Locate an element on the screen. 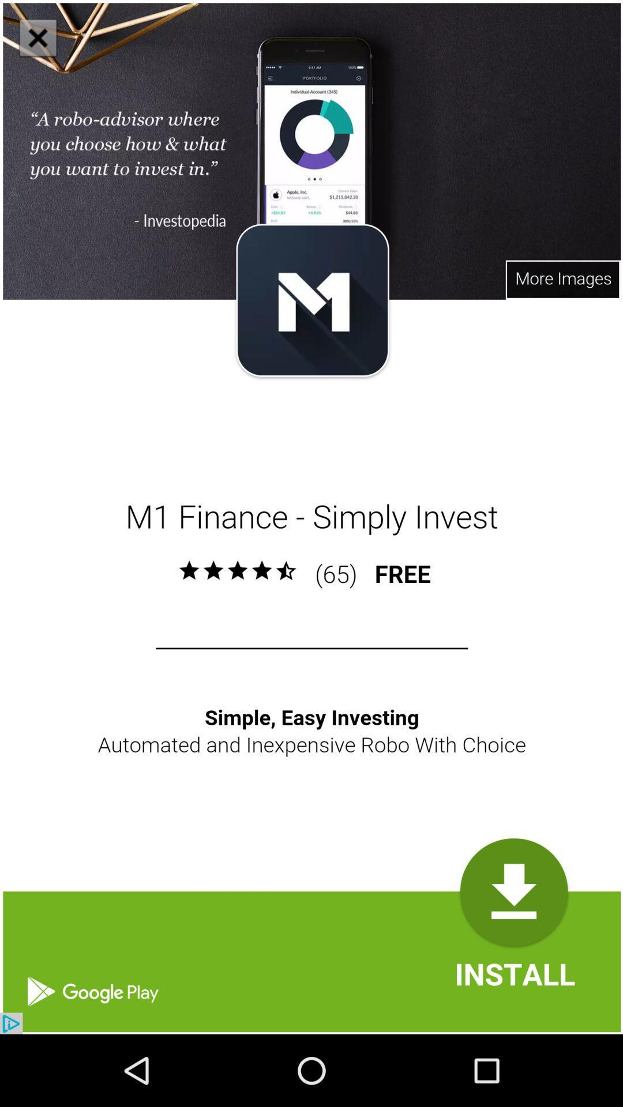  the close icon is located at coordinates (37, 40).